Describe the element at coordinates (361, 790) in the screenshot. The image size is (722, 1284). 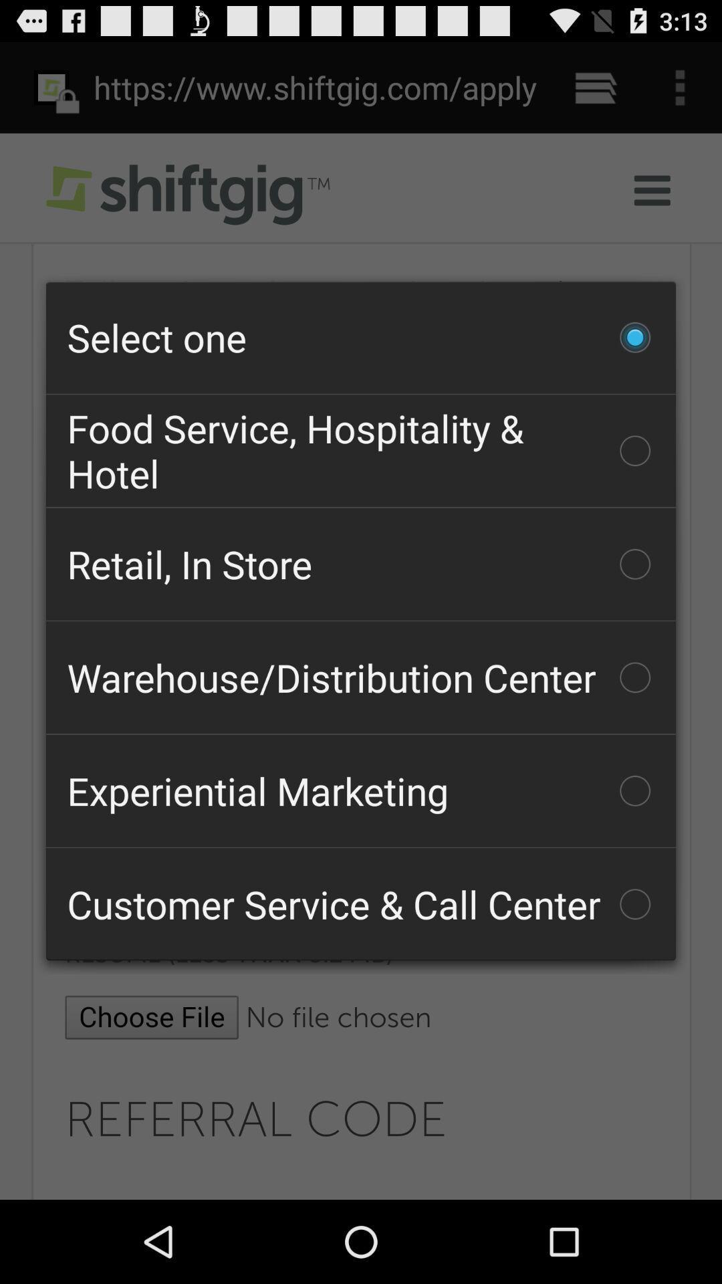
I see `the experiential marketing item` at that location.